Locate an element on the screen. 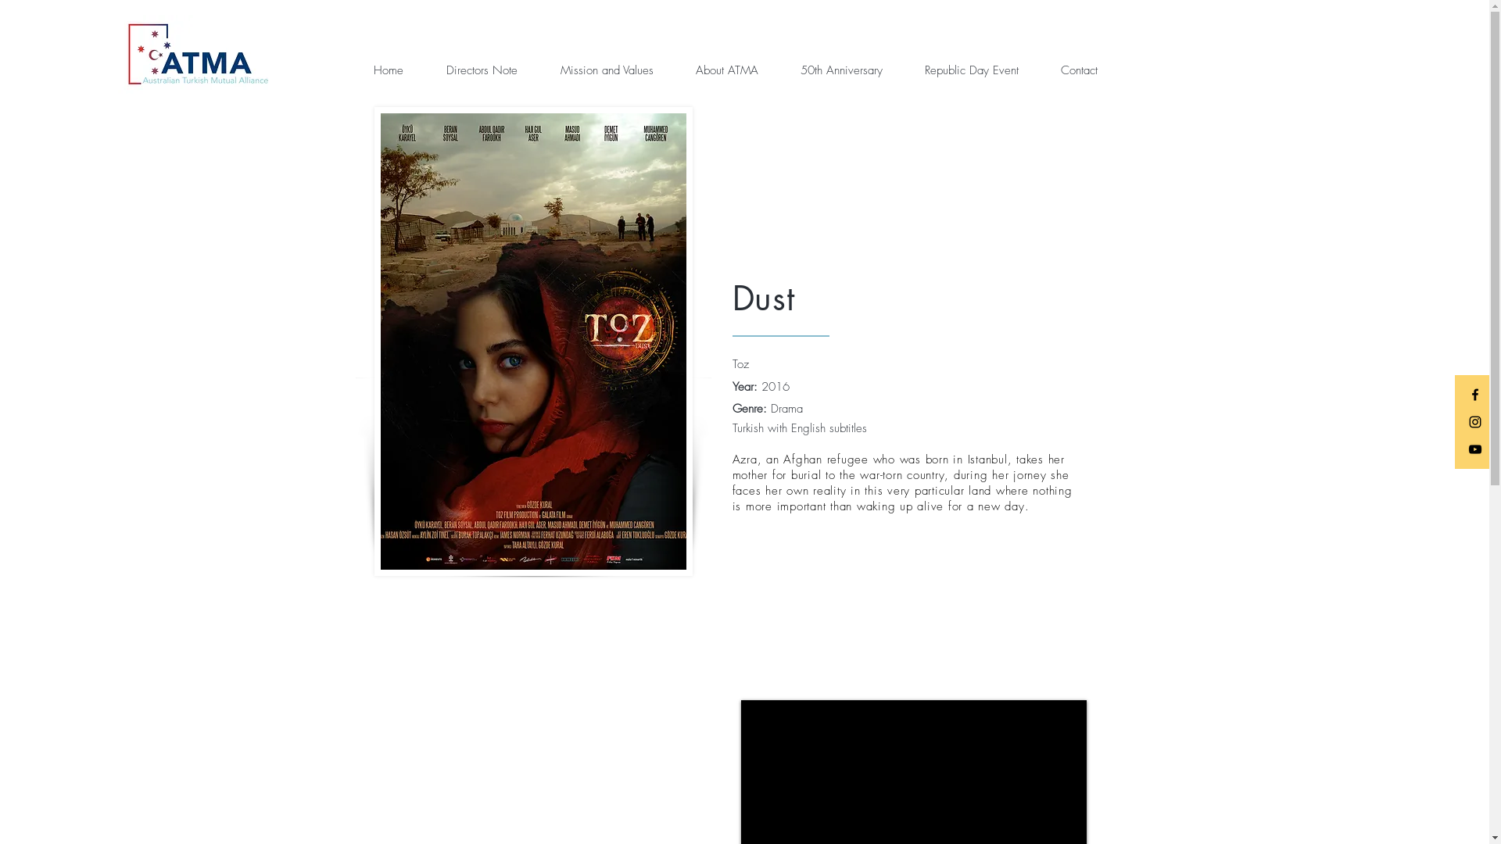 The image size is (1501, 844). 'About ATMA' is located at coordinates (734, 69).